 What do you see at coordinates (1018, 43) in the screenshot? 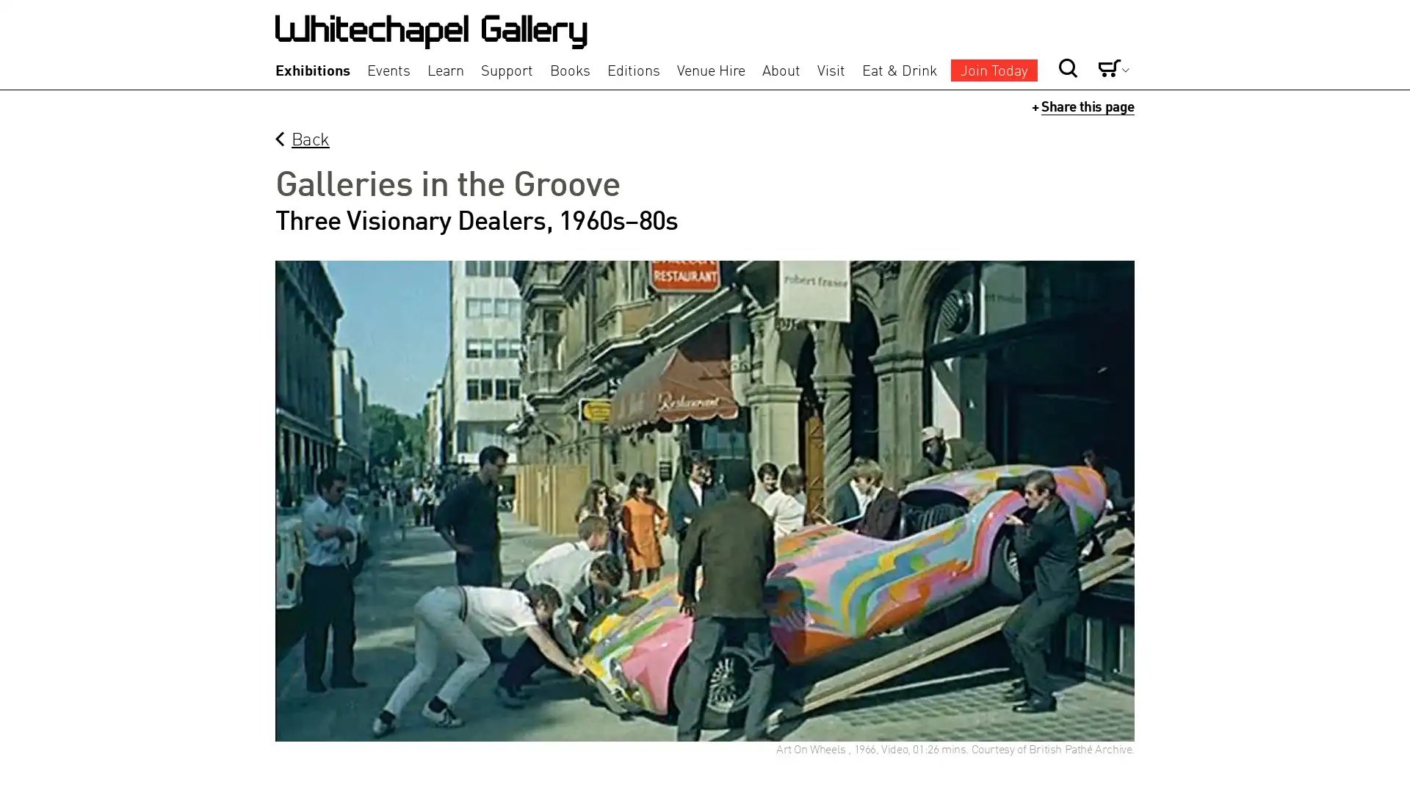
I see `Go` at bounding box center [1018, 43].